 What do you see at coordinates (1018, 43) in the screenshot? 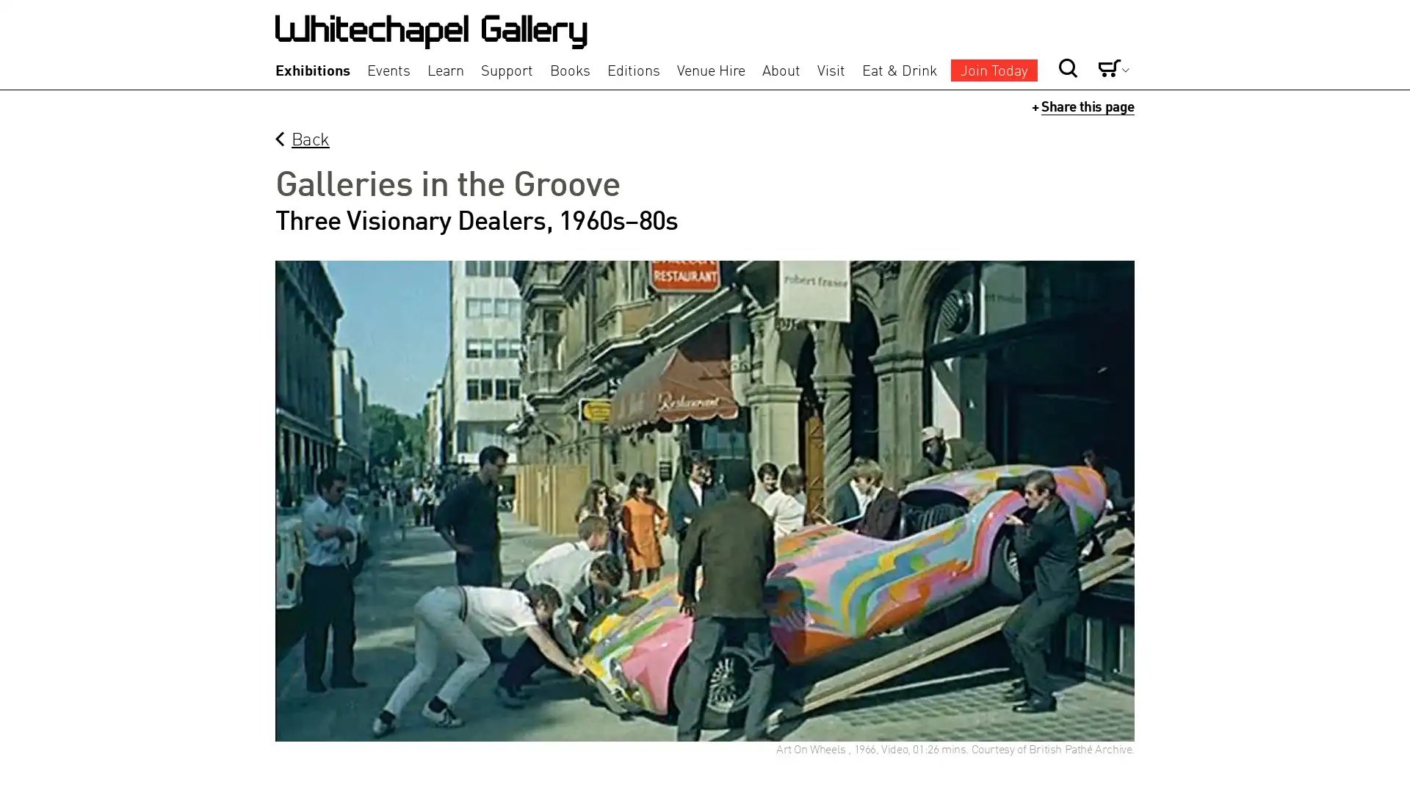
I see `Go` at bounding box center [1018, 43].